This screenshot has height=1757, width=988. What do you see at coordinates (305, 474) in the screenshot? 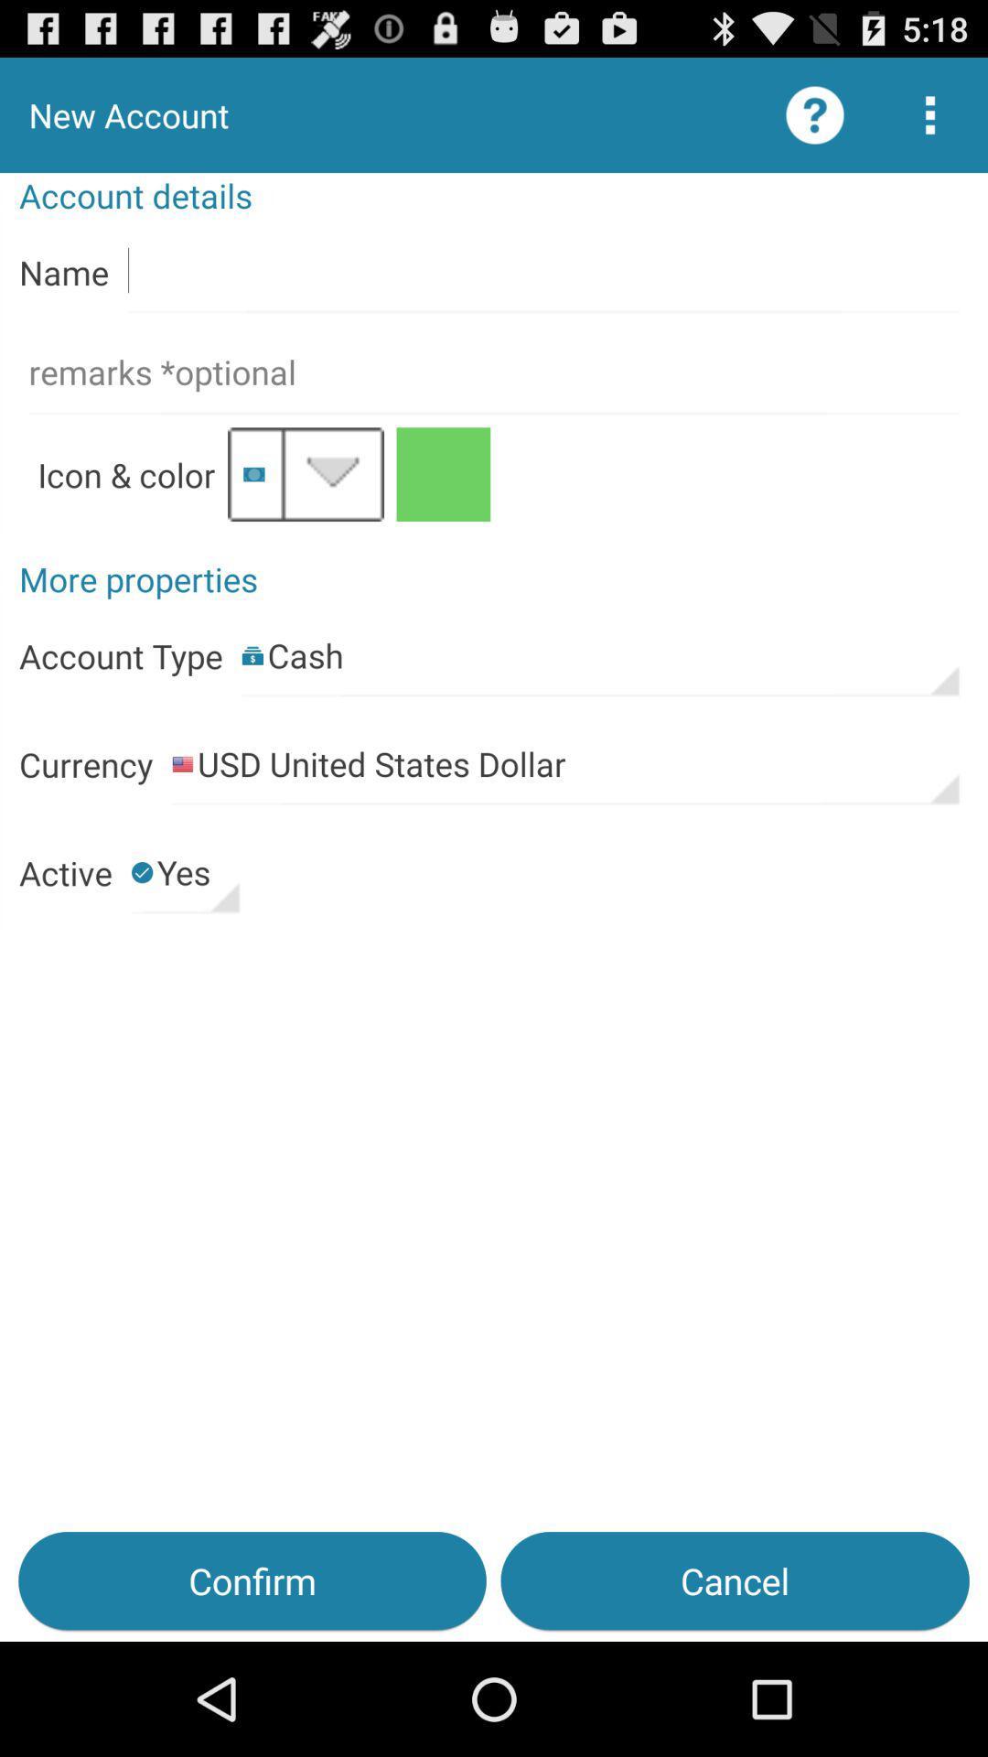
I see `icon` at bounding box center [305, 474].